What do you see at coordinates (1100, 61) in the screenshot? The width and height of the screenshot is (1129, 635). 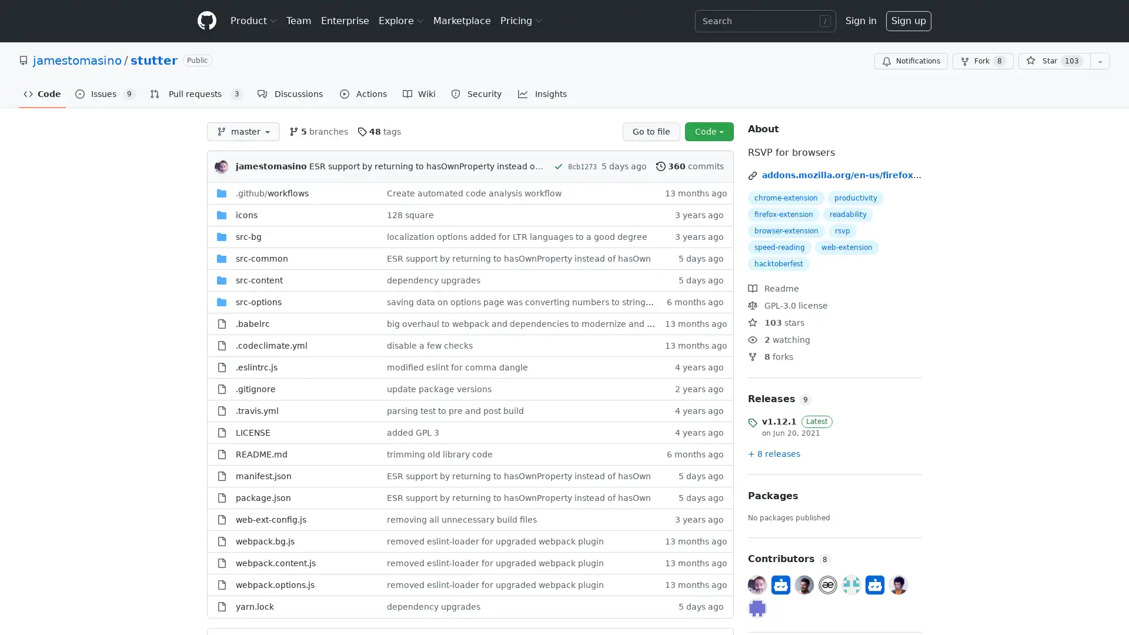 I see `You must be signed in to add this repository to a list` at bounding box center [1100, 61].